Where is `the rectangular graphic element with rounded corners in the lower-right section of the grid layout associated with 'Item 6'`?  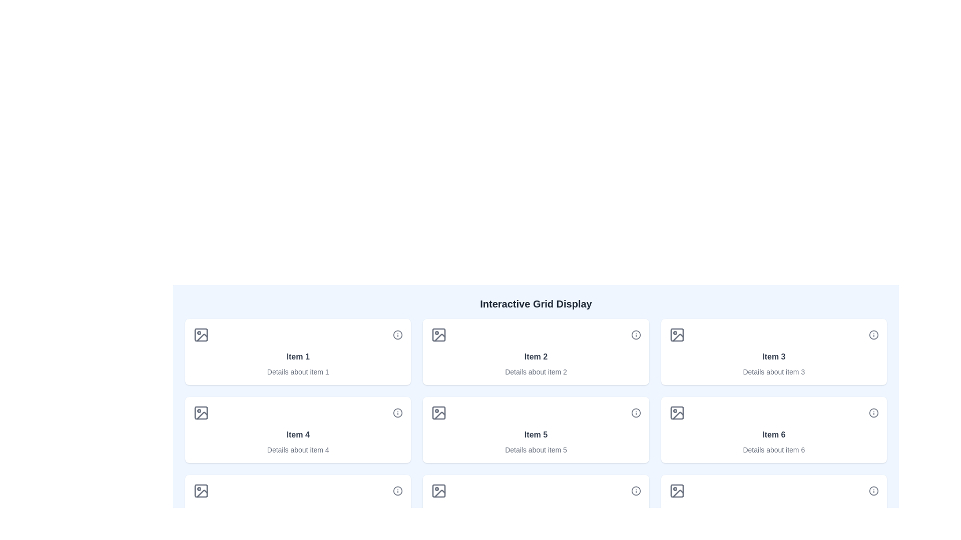
the rectangular graphic element with rounded corners in the lower-right section of the grid layout associated with 'Item 6' is located at coordinates (677, 412).